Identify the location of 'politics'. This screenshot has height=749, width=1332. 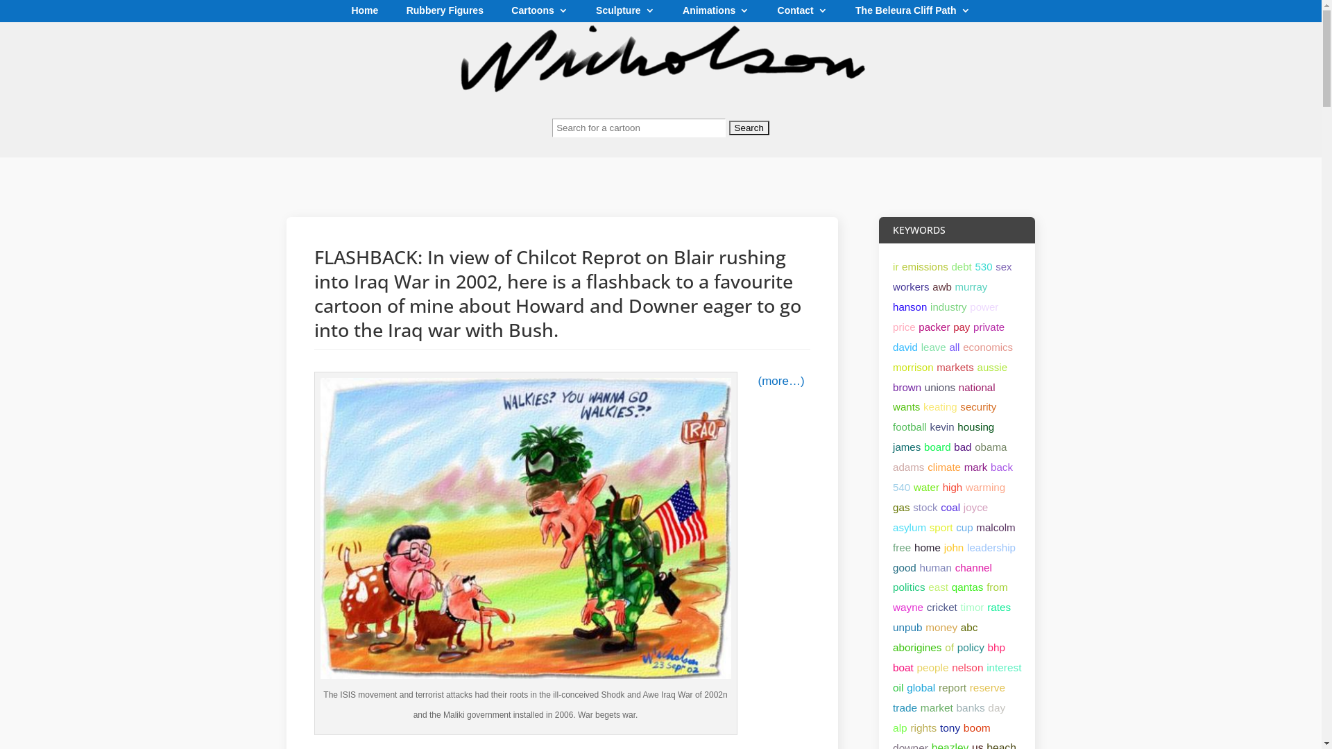
(909, 587).